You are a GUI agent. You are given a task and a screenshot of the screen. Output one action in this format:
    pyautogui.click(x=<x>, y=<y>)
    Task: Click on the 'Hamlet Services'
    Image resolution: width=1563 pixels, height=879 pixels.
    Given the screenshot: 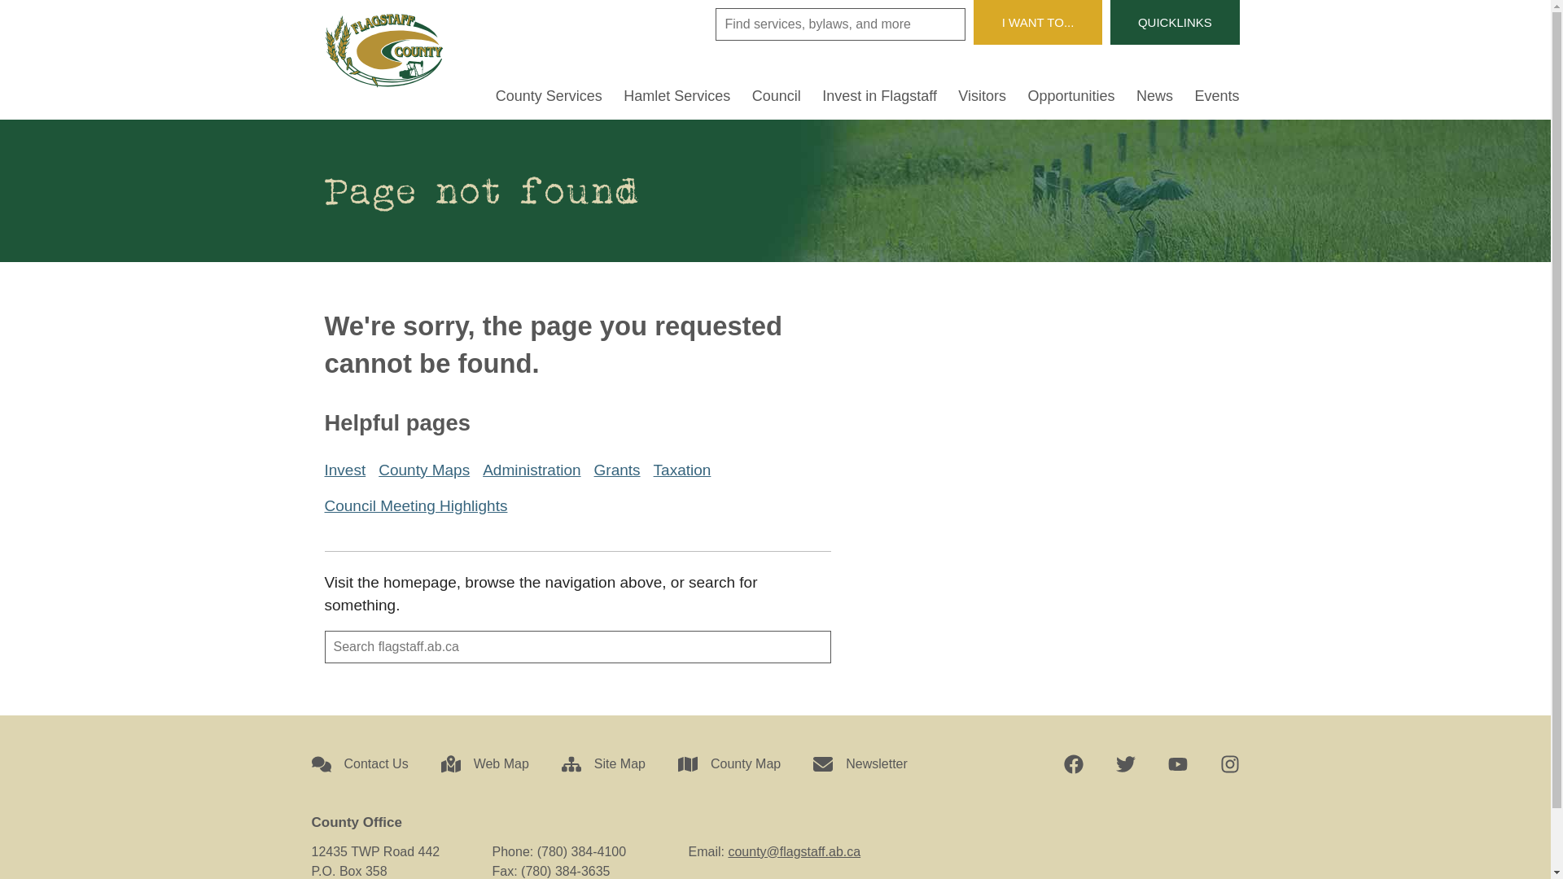 What is the action you would take?
    pyautogui.click(x=676, y=99)
    